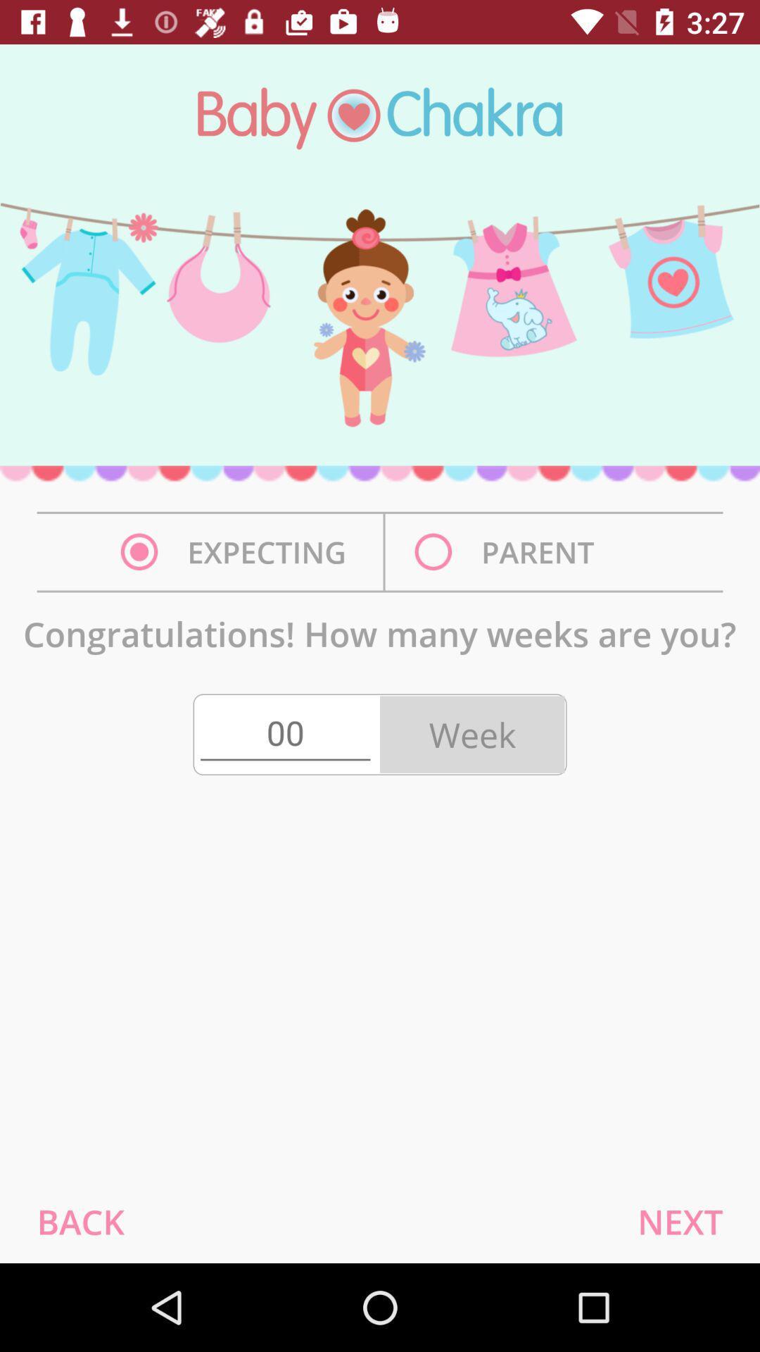  Describe the element at coordinates (236, 551) in the screenshot. I see `the expecting` at that location.